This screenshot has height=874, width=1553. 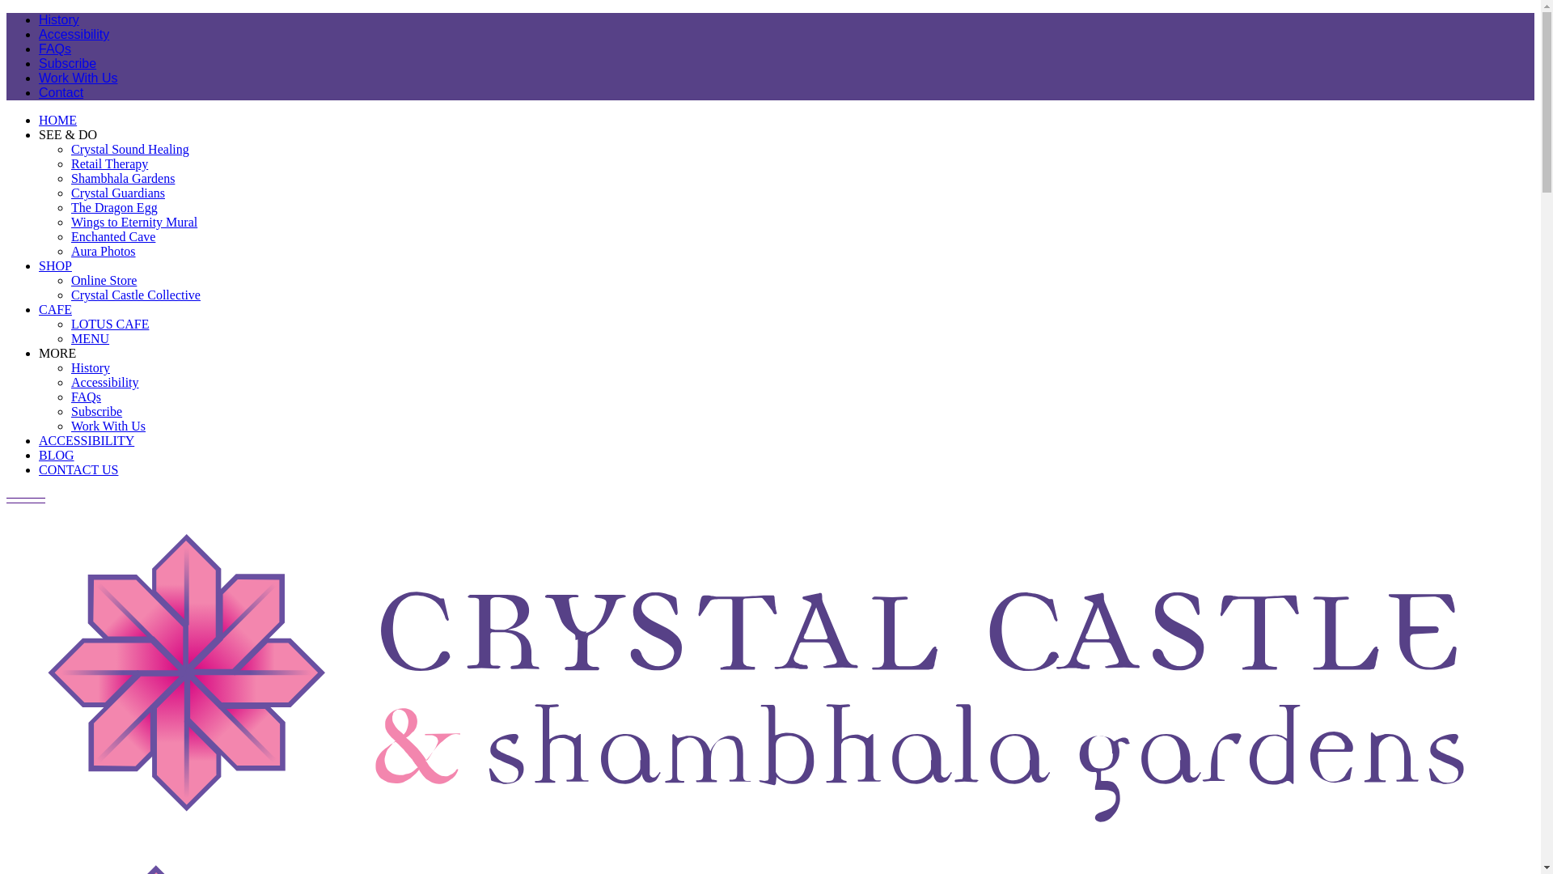 What do you see at coordinates (122, 178) in the screenshot?
I see `'Shambhala Gardens'` at bounding box center [122, 178].